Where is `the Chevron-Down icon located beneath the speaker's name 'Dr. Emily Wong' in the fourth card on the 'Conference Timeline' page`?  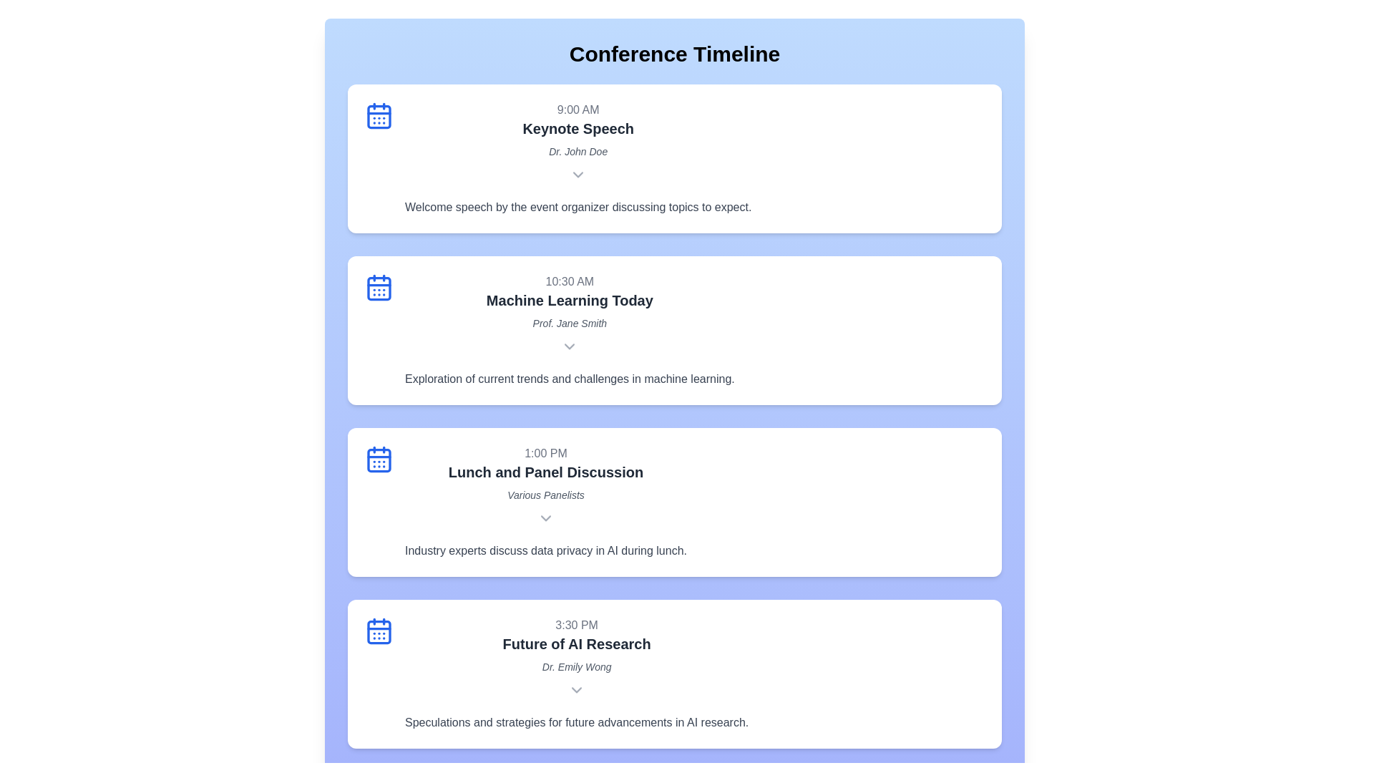 the Chevron-Down icon located beneath the speaker's name 'Dr. Emily Wong' in the fourth card on the 'Conference Timeline' page is located at coordinates (577, 691).